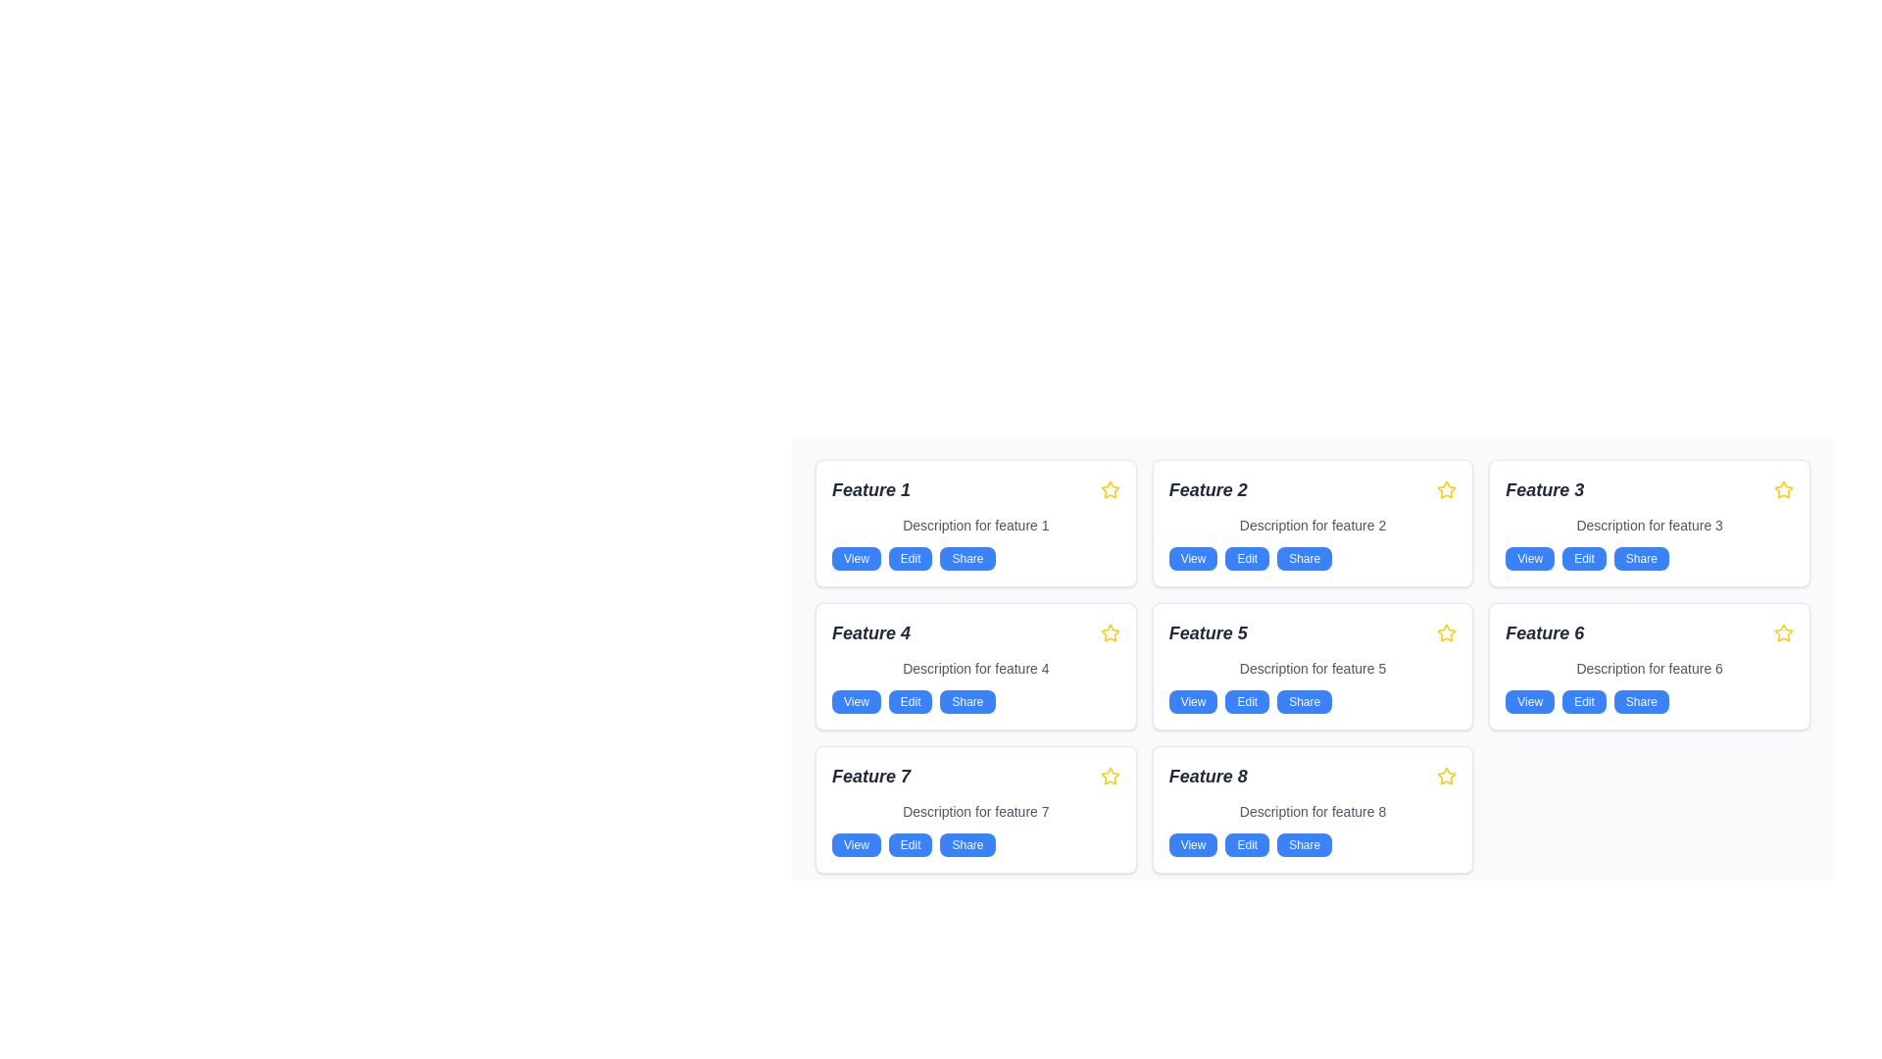 Image resolution: width=1882 pixels, height=1059 pixels. What do you see at coordinates (975, 812) in the screenshot?
I see `the text label that provides additional context for 'Feature 7', positioned below the title and above the buttons labeled 'View', 'Edit', and 'Share'` at bounding box center [975, 812].